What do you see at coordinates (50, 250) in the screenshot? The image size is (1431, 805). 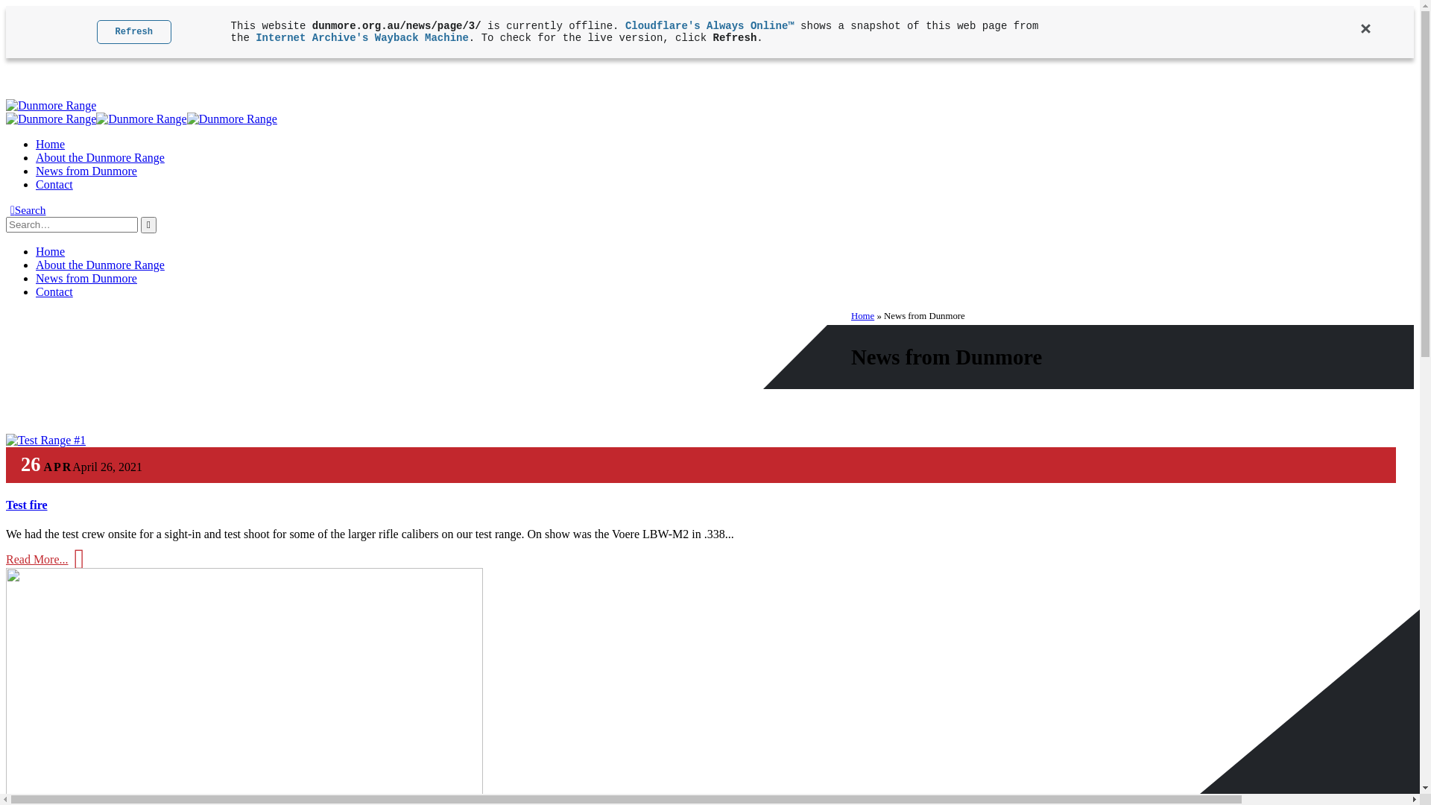 I see `'Home'` at bounding box center [50, 250].